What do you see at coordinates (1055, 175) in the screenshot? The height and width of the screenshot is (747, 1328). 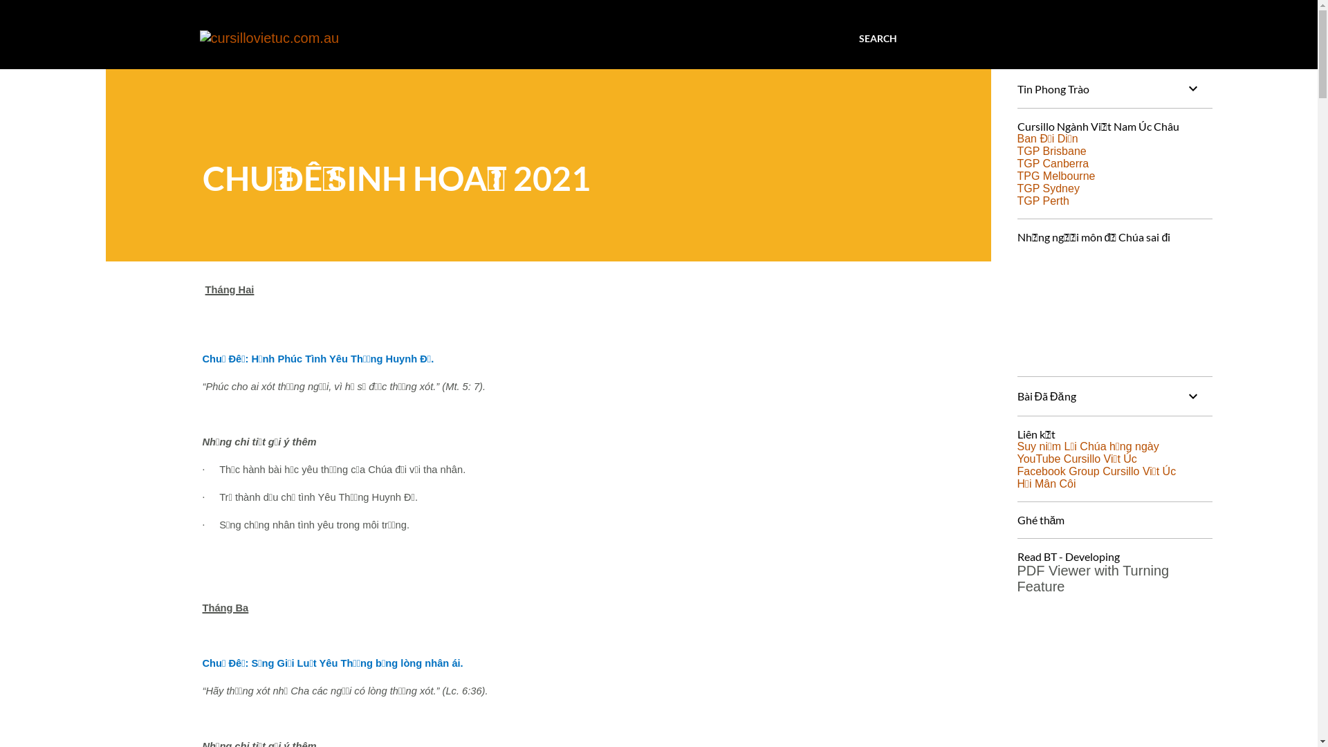 I see `'TPG Melbourne'` at bounding box center [1055, 175].